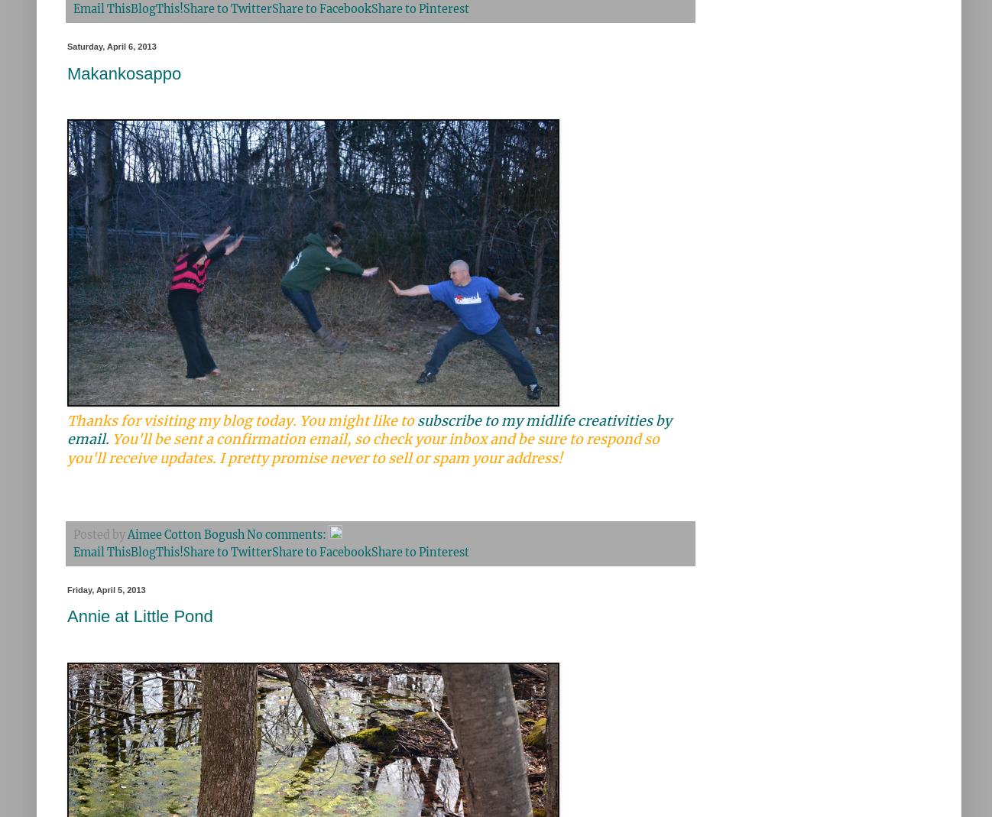  I want to click on 'No comments:', so click(287, 533).